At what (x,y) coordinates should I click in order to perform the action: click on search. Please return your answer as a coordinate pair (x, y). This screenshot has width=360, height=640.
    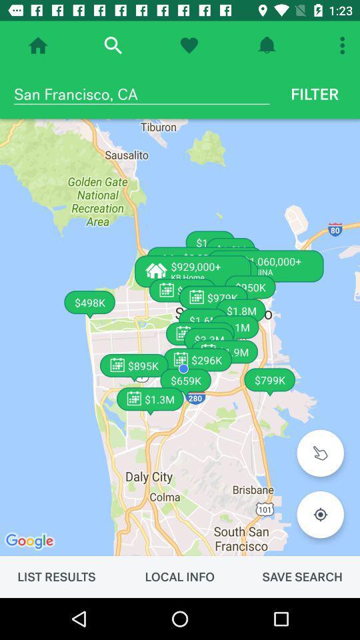
    Looking at the image, I should click on (112, 45).